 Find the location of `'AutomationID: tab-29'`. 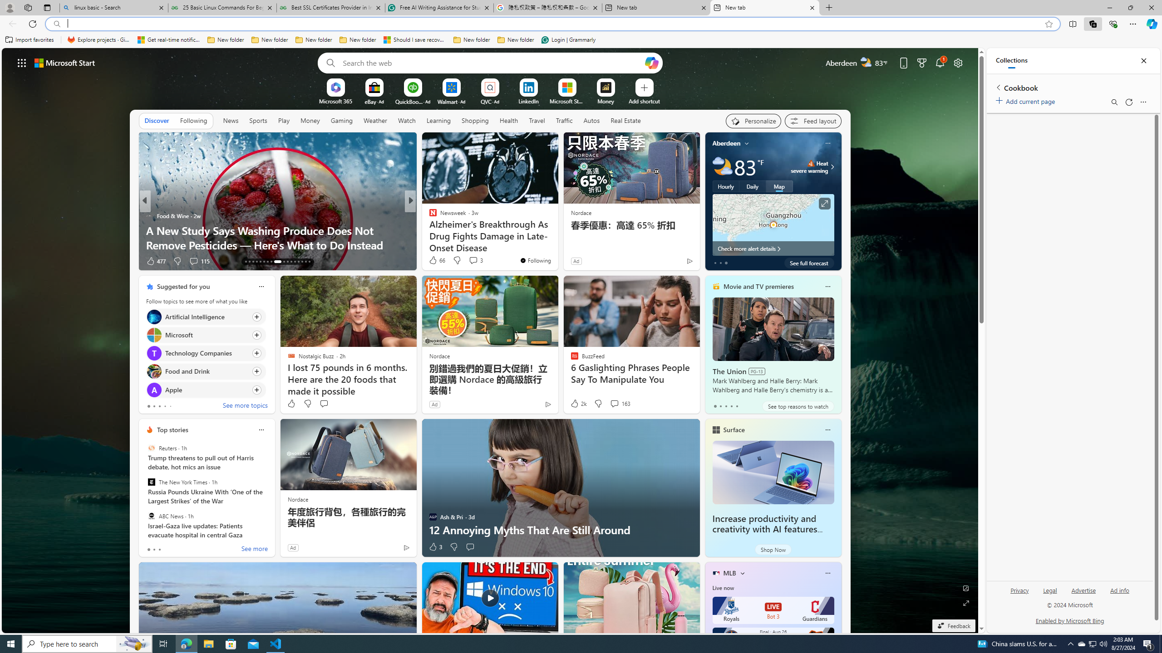

'AutomationID: tab-29' is located at coordinates (309, 262).